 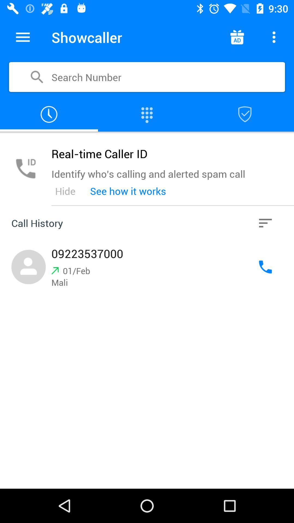 What do you see at coordinates (265, 223) in the screenshot?
I see `the icon next to see how it item` at bounding box center [265, 223].